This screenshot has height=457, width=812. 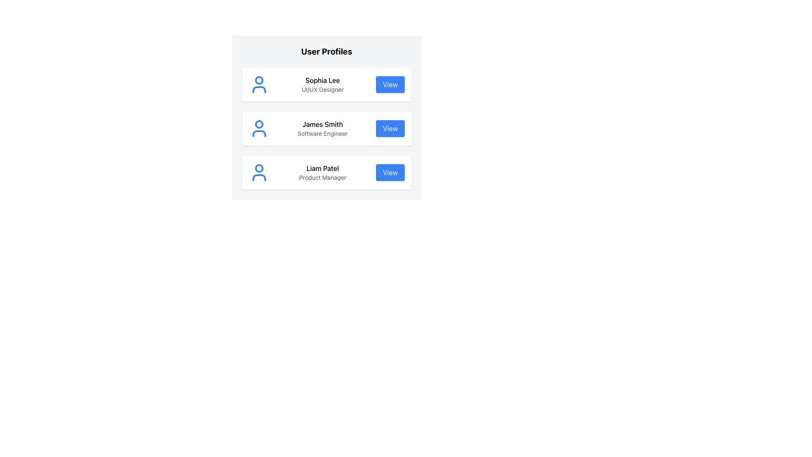 What do you see at coordinates (258, 168) in the screenshot?
I see `the SVG Circle representing the profile icon of 'Liam Patel', which is the last user profile icon in the list` at bounding box center [258, 168].